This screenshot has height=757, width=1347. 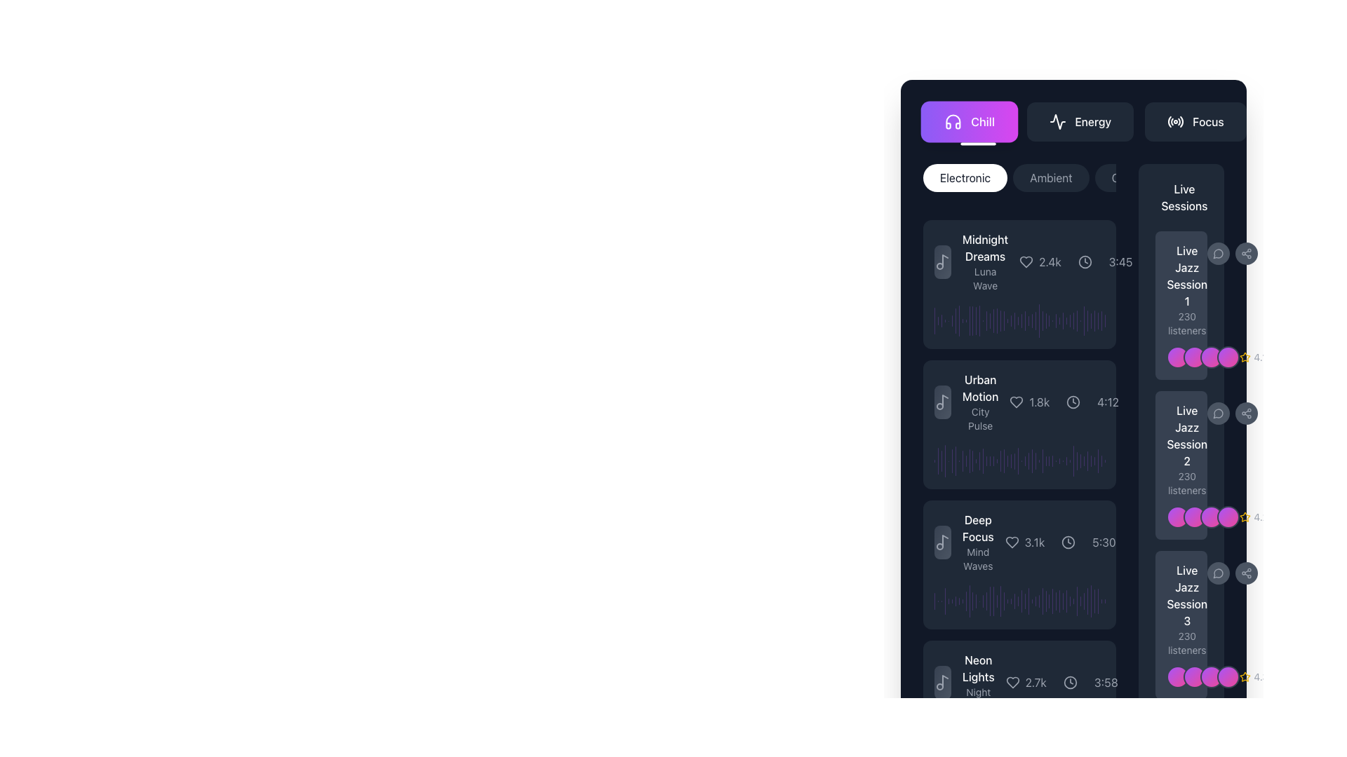 What do you see at coordinates (1186, 289) in the screenshot?
I see `the descriptive information panel for 'Live Jazz Session 1' which displays '230 listeners' in the 'Live Sessions' column` at bounding box center [1186, 289].